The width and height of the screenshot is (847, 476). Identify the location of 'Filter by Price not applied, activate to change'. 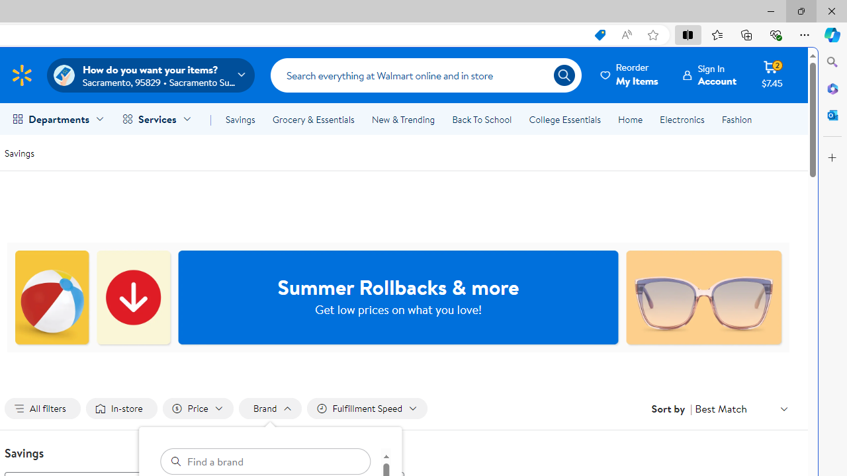
(197, 408).